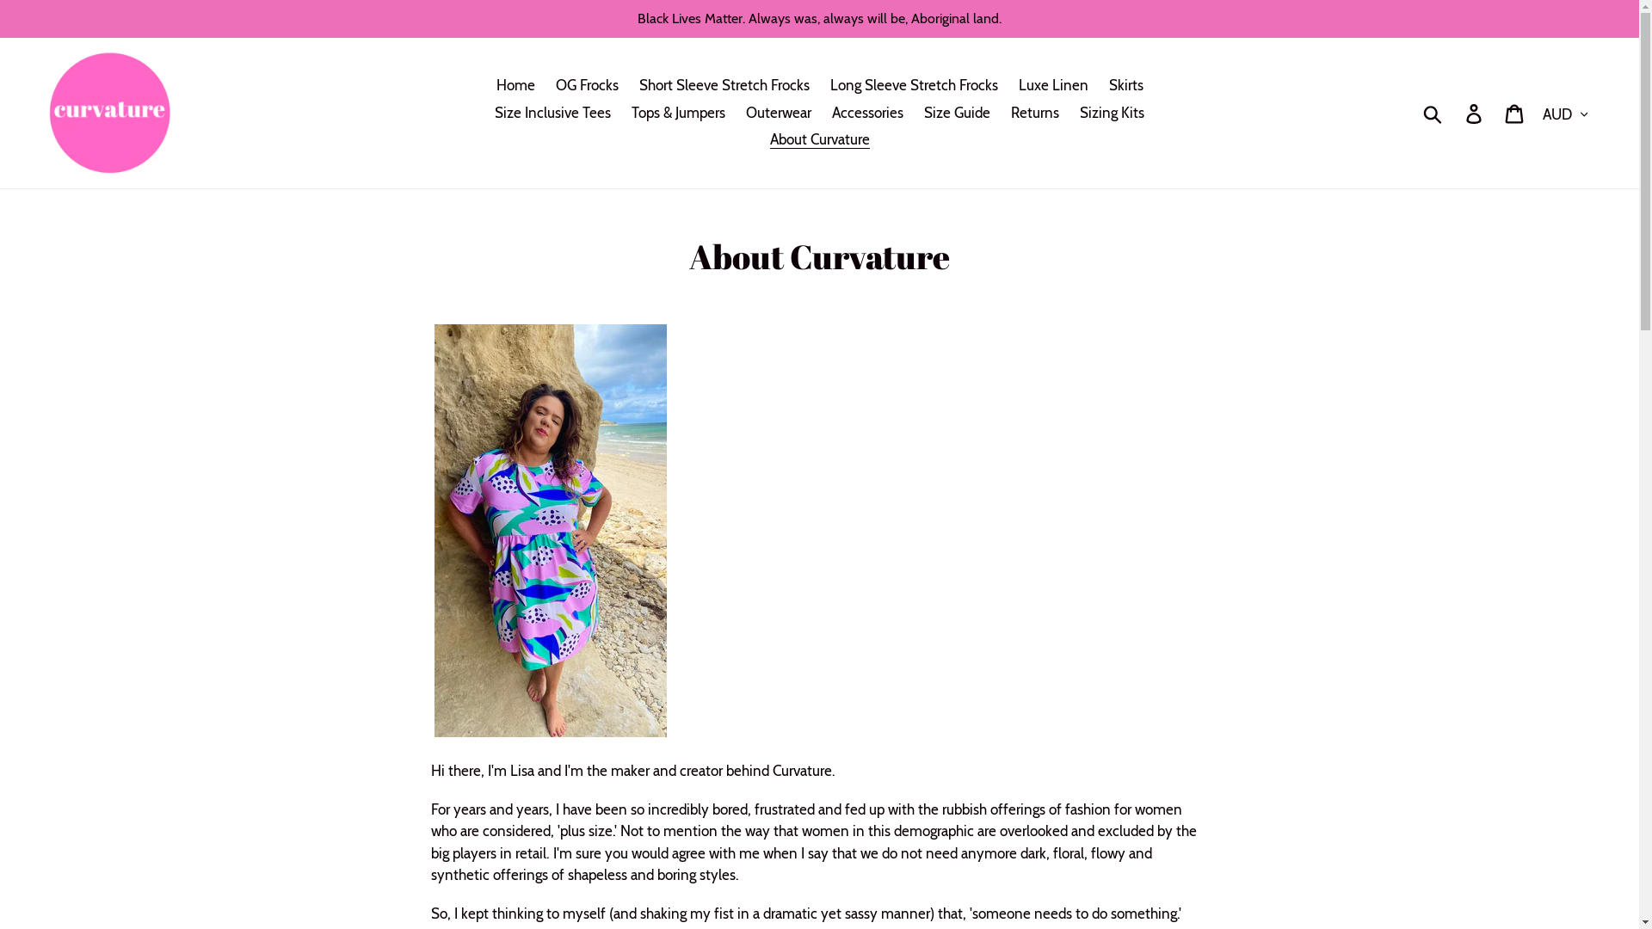  What do you see at coordinates (587, 86) in the screenshot?
I see `'OG Frocks'` at bounding box center [587, 86].